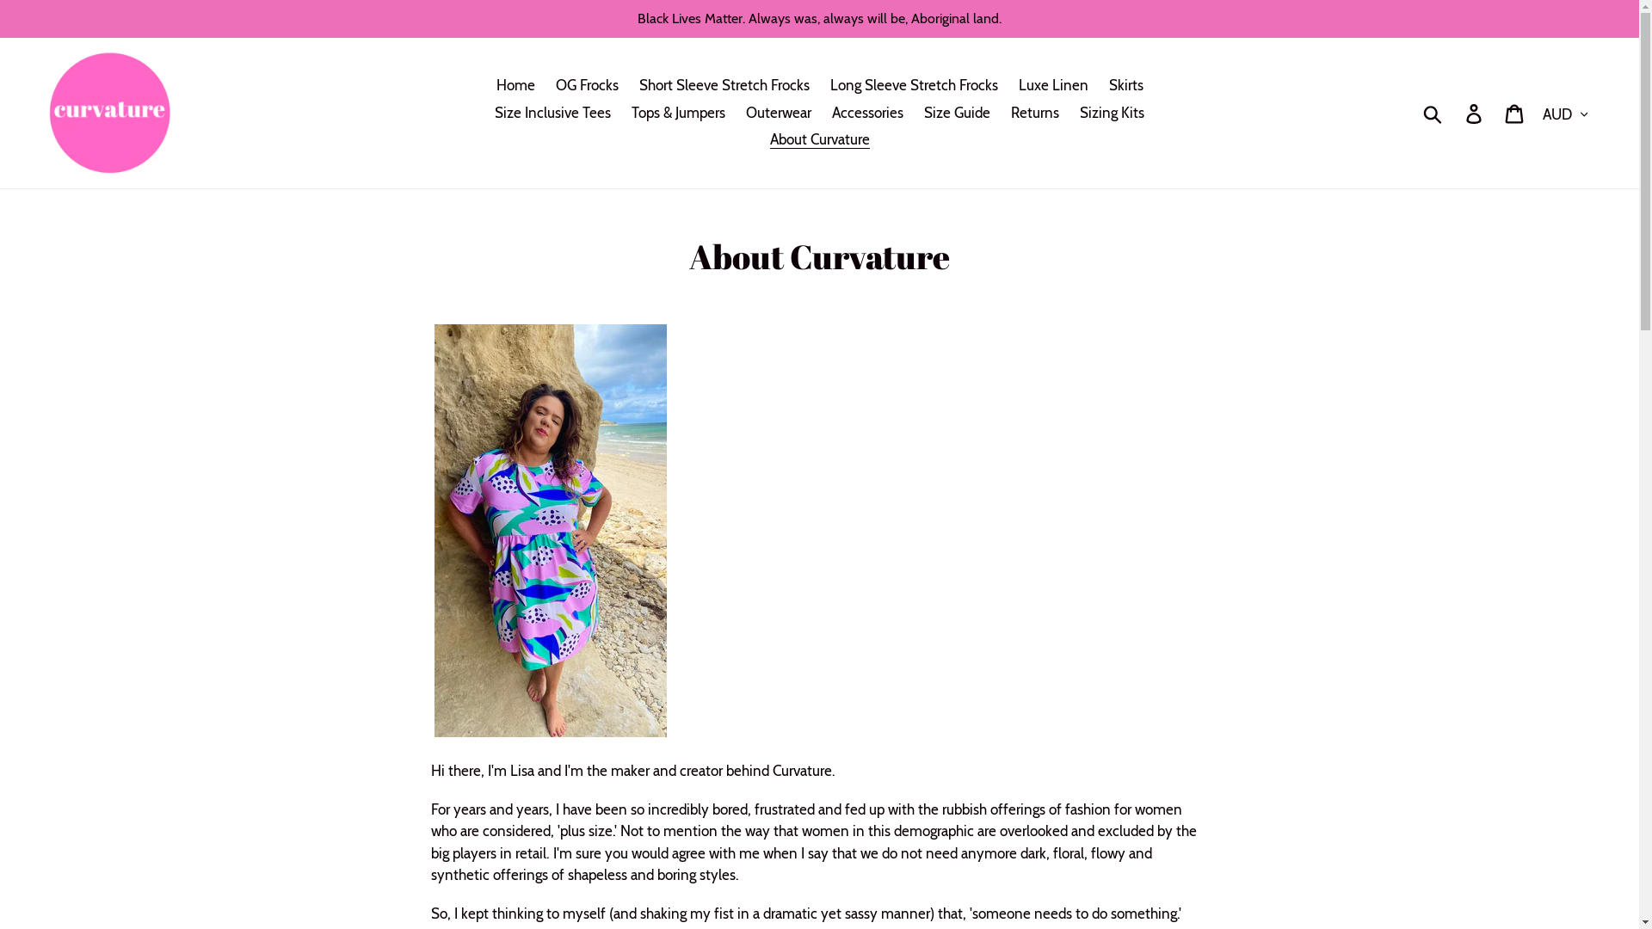  What do you see at coordinates (587, 86) in the screenshot?
I see `'OG Frocks'` at bounding box center [587, 86].